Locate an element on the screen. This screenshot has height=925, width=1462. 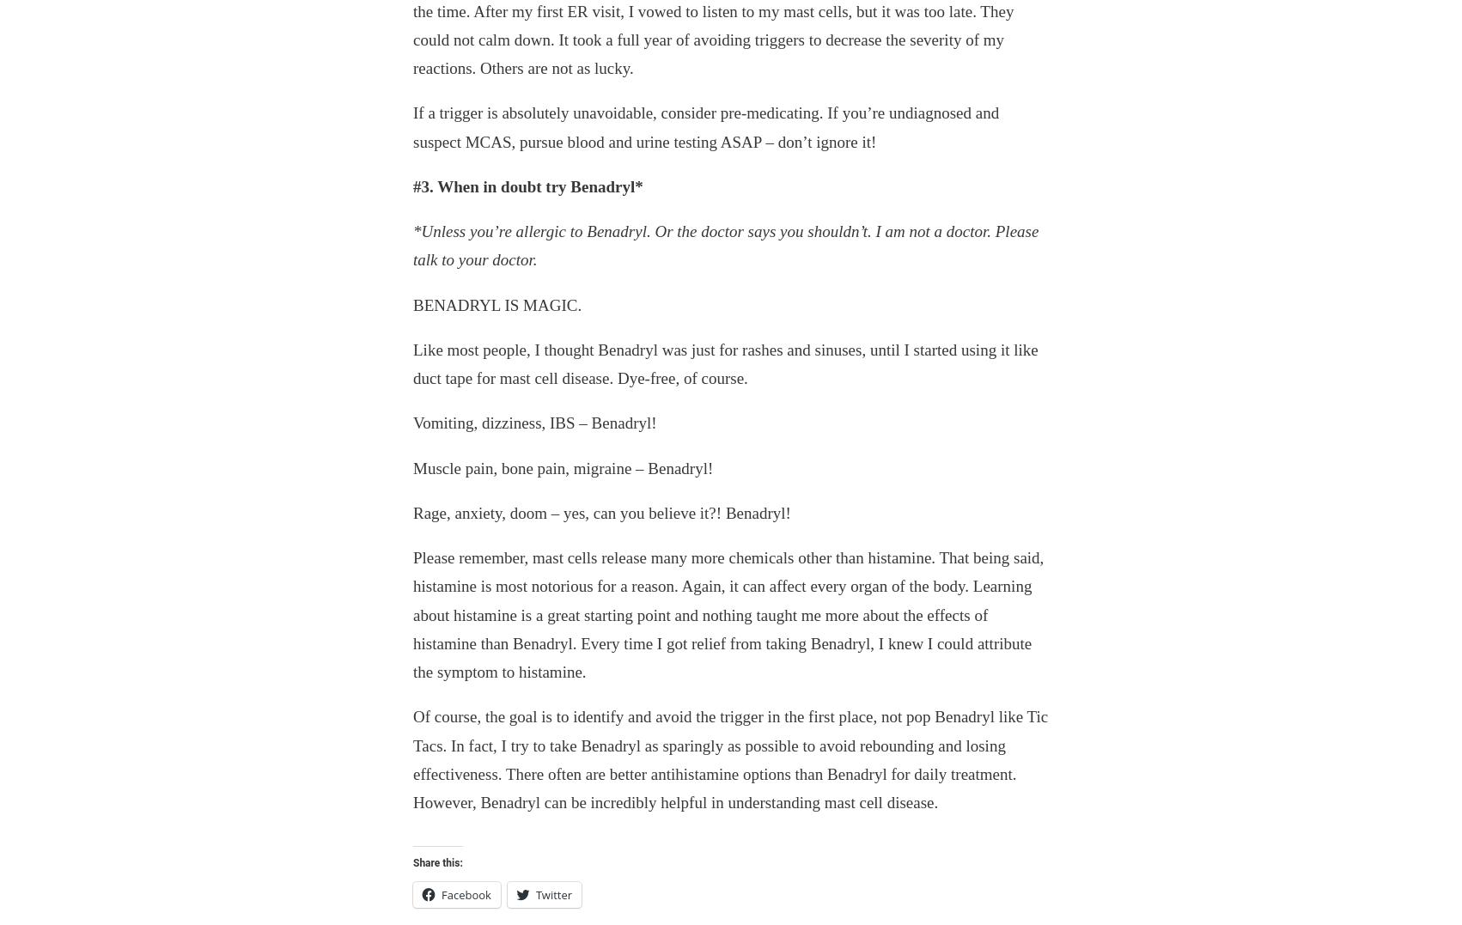
'If a trigger is absolutely unavoidable, consider pre-medicating. If you’re undiagnosed and suspect MCAS, pursue blood and urine testing ASAP – don’t ignore it!' is located at coordinates (705, 126).